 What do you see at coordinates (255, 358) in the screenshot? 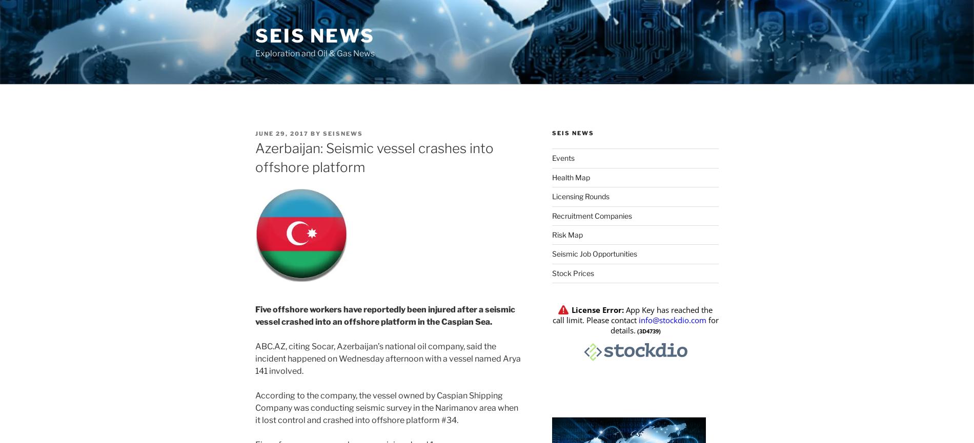
I see `'ABC.AZ, citing Socar, Azerbaijan’s national oil company, said the incident happened on Wednesday afternoon with a vessel named Arya 141 involved.'` at bounding box center [255, 358].